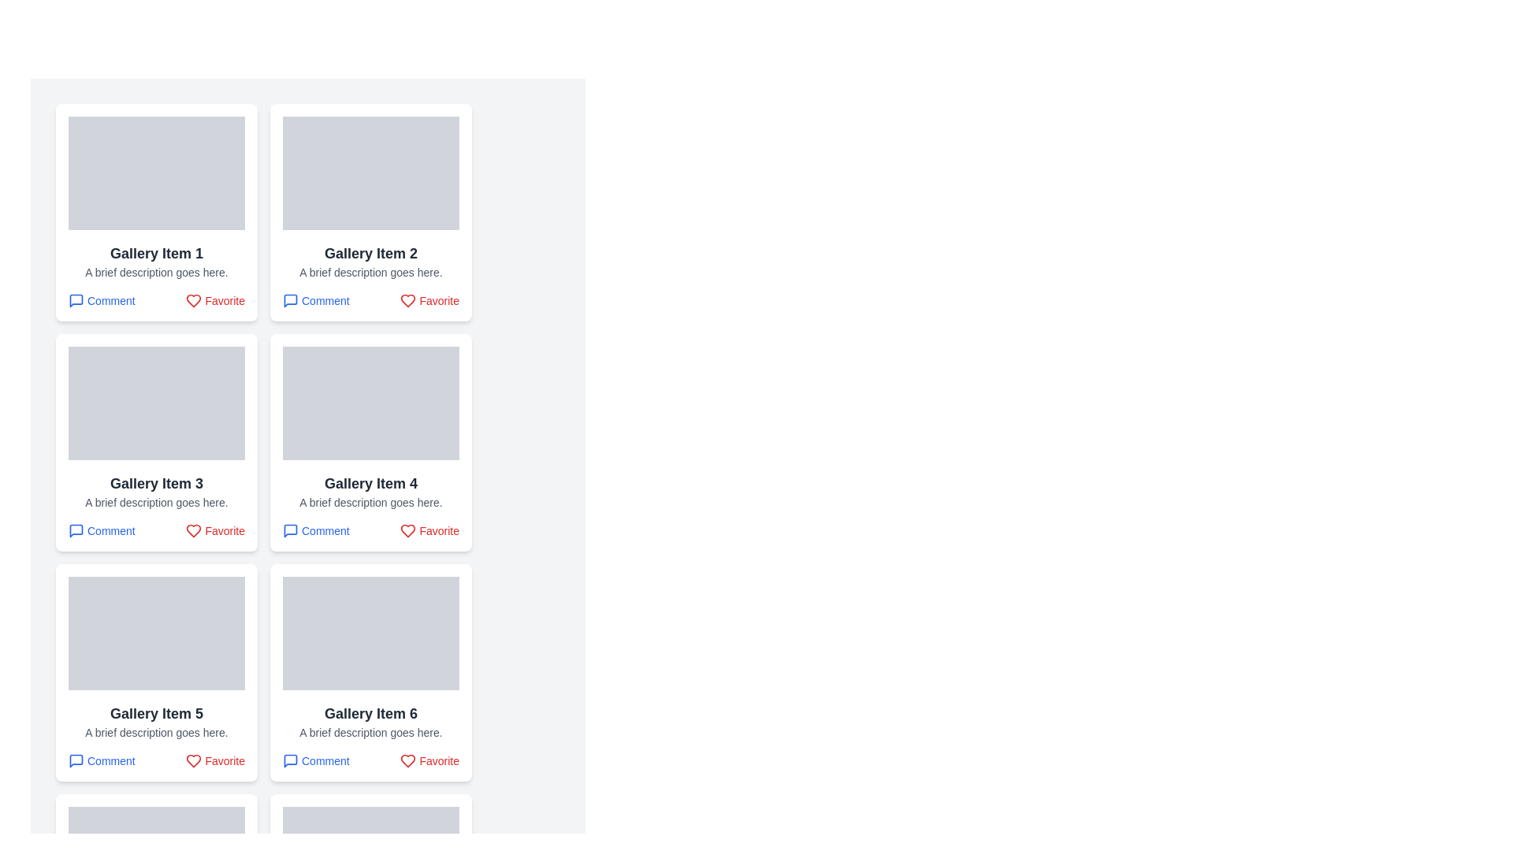 The height and width of the screenshot is (851, 1513). What do you see at coordinates (370, 714) in the screenshot?
I see `the Text label that identifies the gallery item in the 'Gallery Item 6' card, located at the second position in the last row of the card grid` at bounding box center [370, 714].